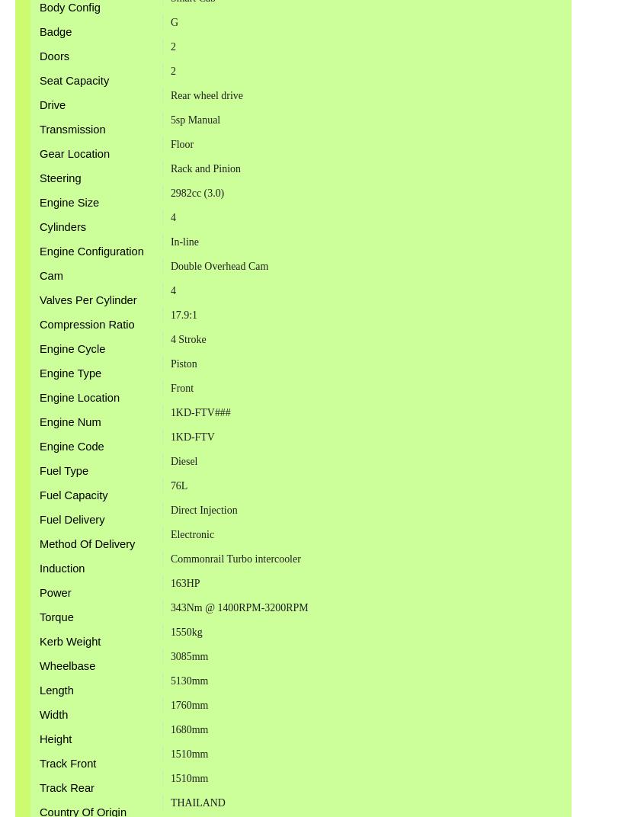 The width and height of the screenshot is (644, 817). What do you see at coordinates (188, 728) in the screenshot?
I see `'1680mm'` at bounding box center [188, 728].